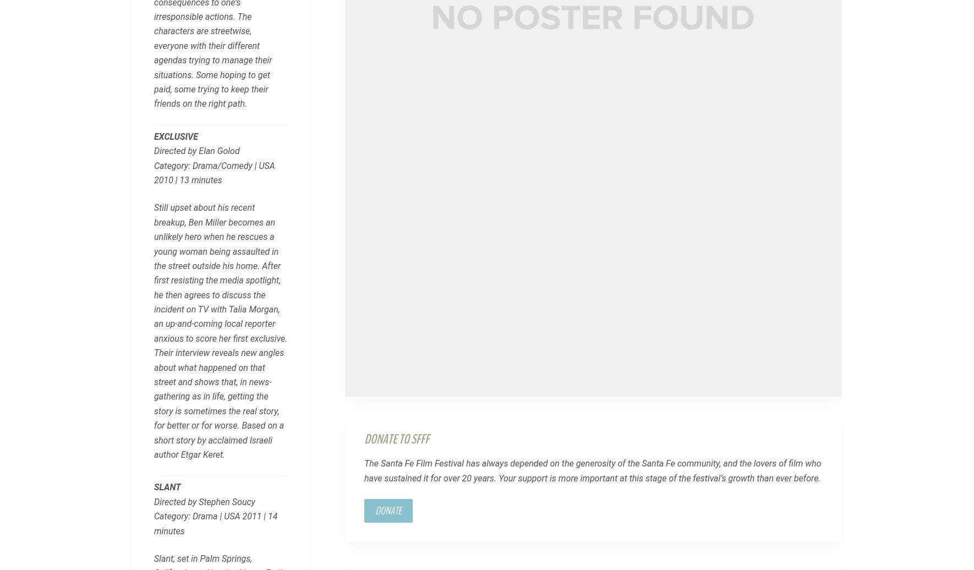 The height and width of the screenshot is (570, 974). Describe the element at coordinates (377, 425) in the screenshot. I see `'Sponsorship Packages'` at that location.